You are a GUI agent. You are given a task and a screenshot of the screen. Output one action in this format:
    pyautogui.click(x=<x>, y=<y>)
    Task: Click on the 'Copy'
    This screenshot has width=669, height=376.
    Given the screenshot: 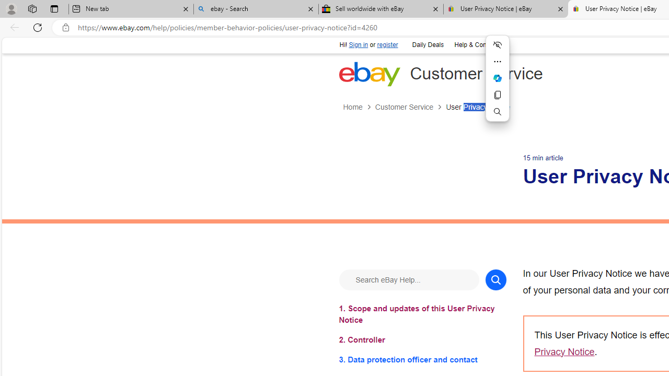 What is the action you would take?
    pyautogui.click(x=497, y=95)
    